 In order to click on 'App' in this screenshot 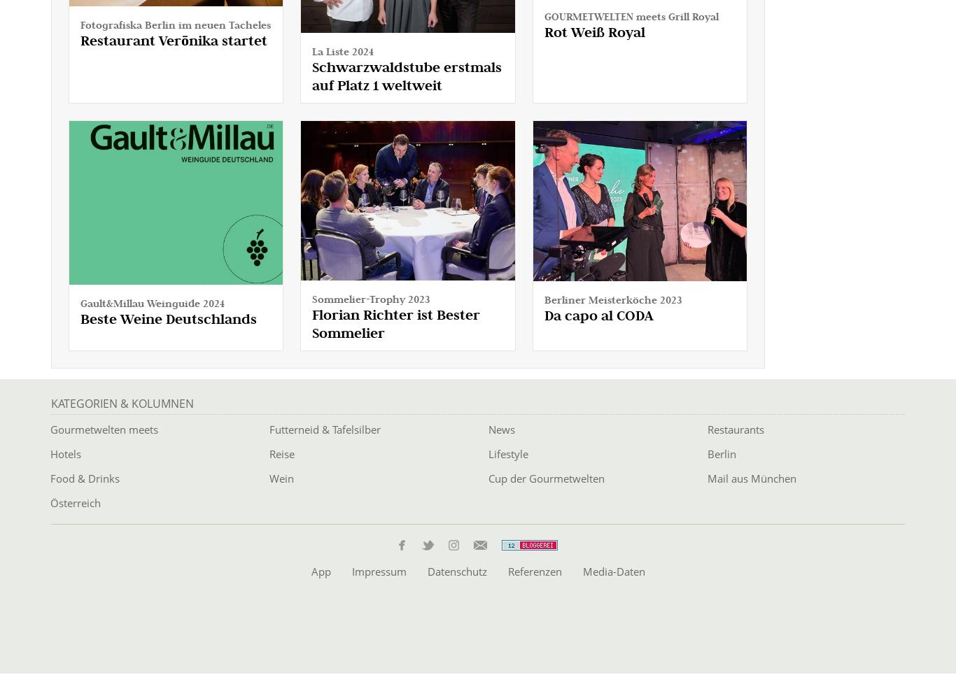, I will do `click(321, 570)`.